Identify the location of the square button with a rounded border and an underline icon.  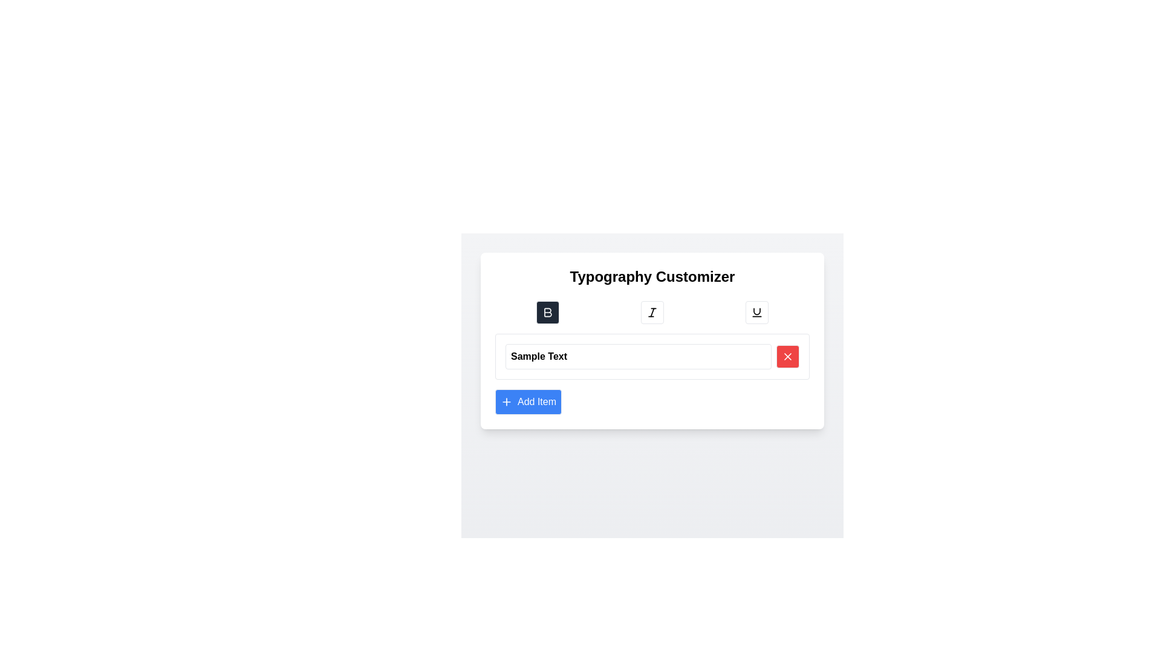
(756, 311).